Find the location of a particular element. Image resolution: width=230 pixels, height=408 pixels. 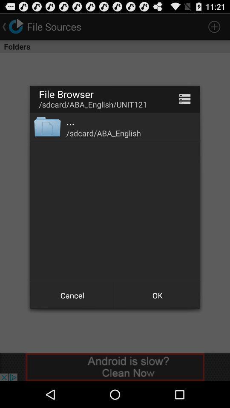

app next to the ... item is located at coordinates (47, 126).